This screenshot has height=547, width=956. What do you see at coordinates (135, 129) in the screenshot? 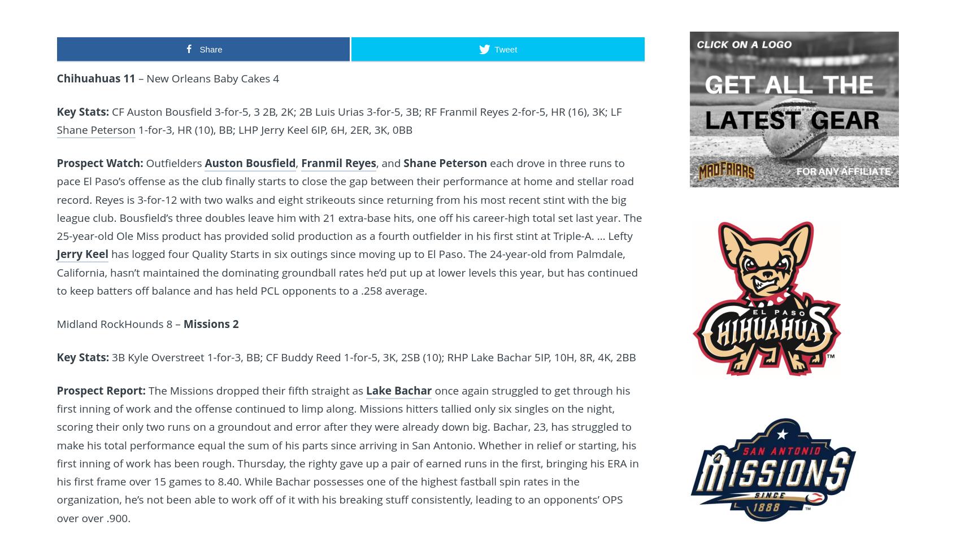
I see `'1-for-3, HR (10), BB; LHP Jerry Keel 6IP, 6H, 2ER, 3K, 0BB'` at bounding box center [135, 129].